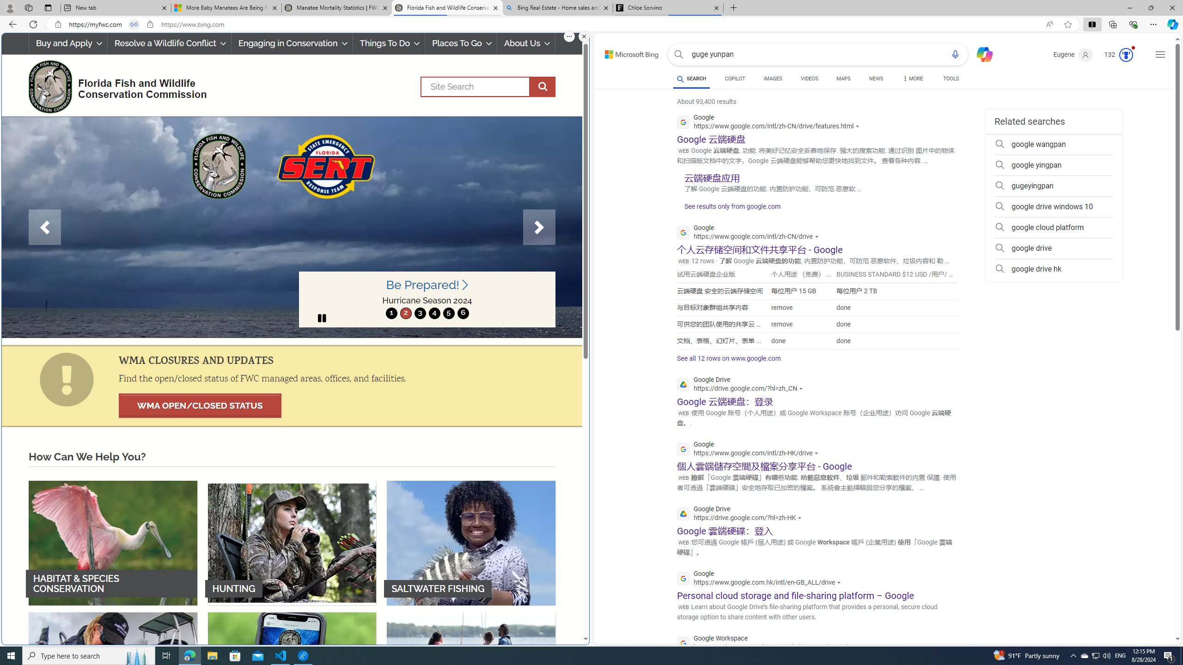 Image resolution: width=1183 pixels, height=665 pixels. What do you see at coordinates (448, 313) in the screenshot?
I see `'move to slide 5'` at bounding box center [448, 313].